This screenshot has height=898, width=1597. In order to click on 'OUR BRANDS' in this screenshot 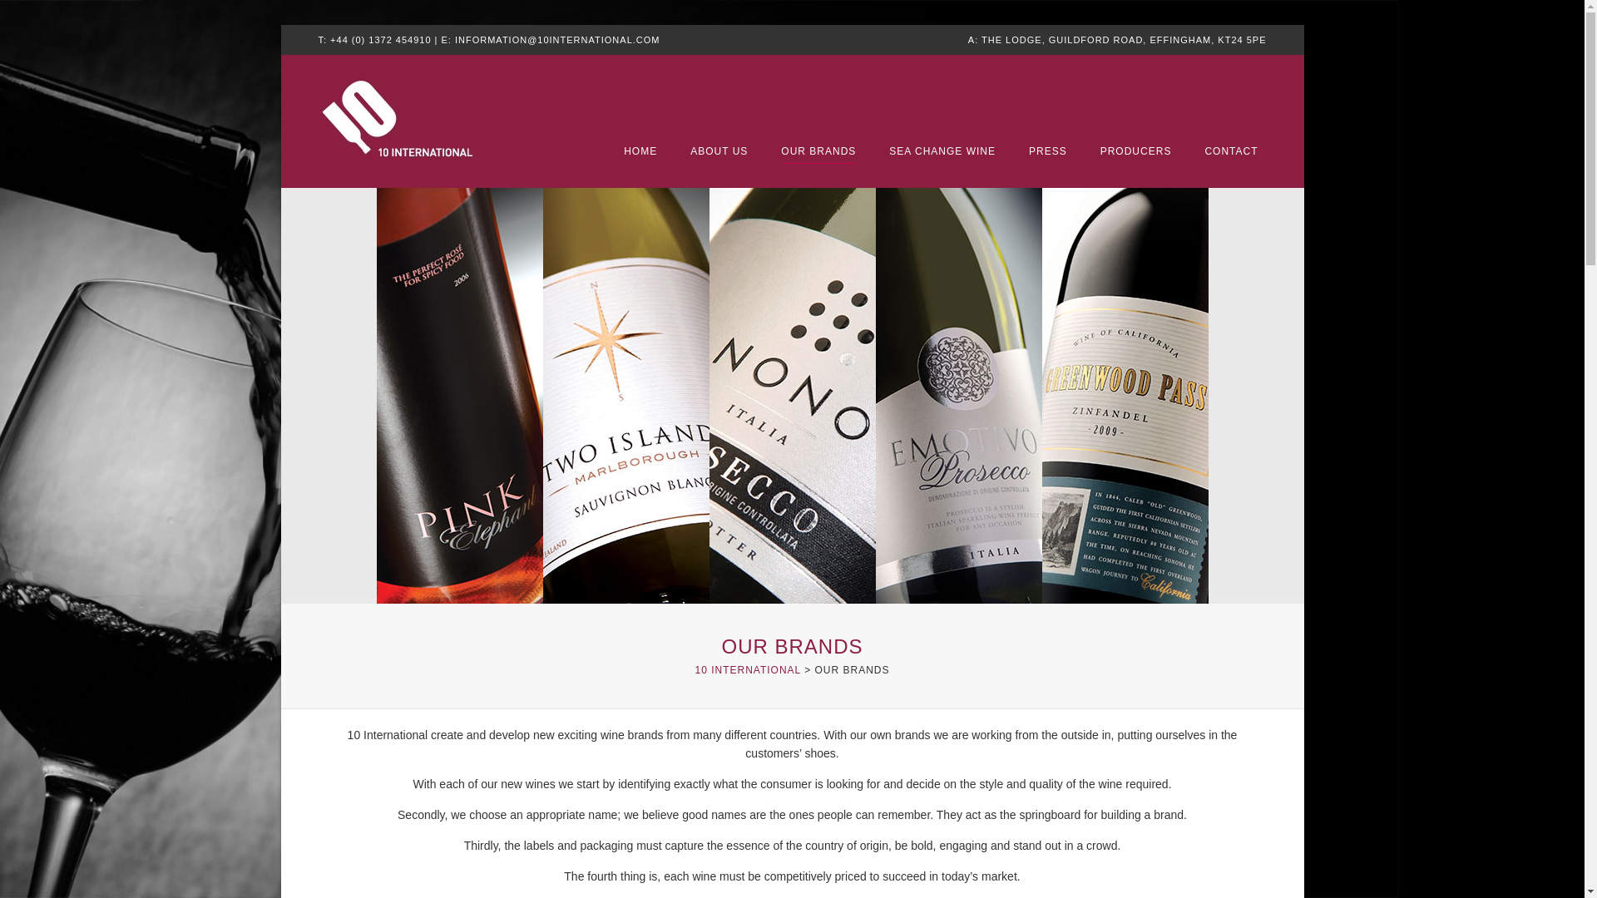, I will do `click(818, 151)`.